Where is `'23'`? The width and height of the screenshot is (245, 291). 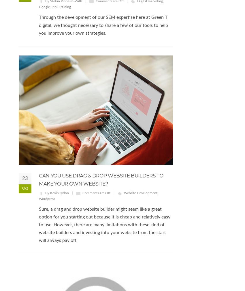
'23' is located at coordinates (22, 178).